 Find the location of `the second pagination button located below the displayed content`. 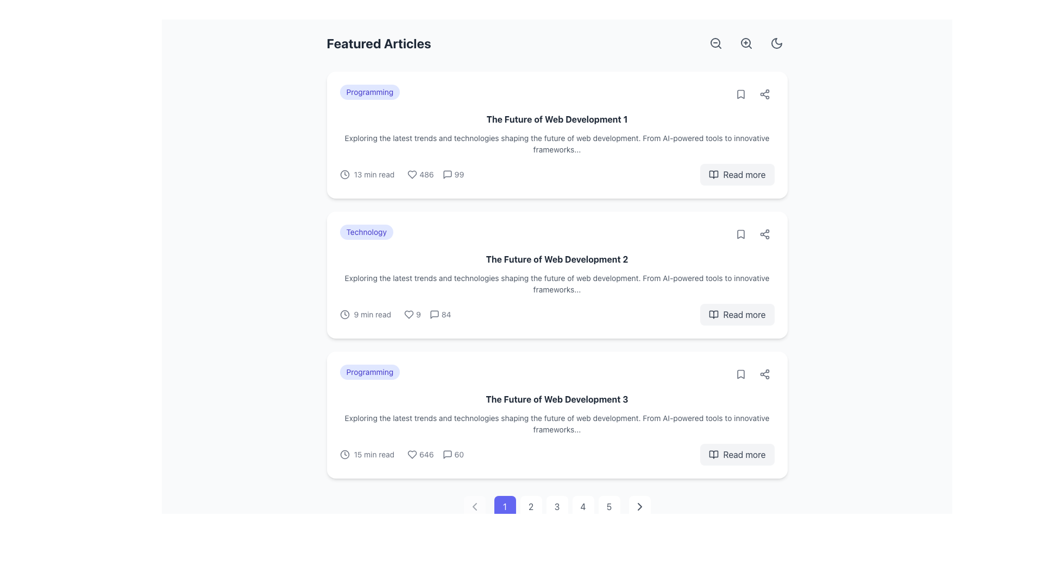

the second pagination button located below the displayed content is located at coordinates (531, 506).